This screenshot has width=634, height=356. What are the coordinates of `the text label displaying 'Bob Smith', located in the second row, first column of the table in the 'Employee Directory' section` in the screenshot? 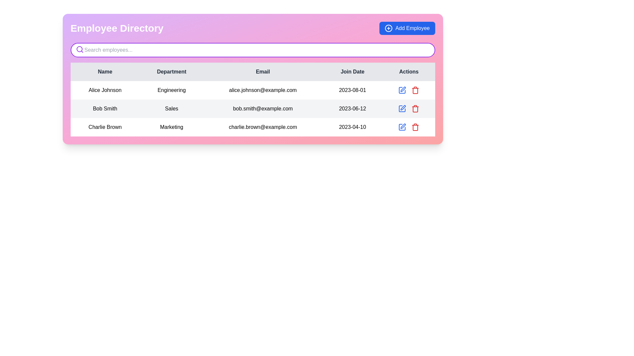 It's located at (105, 108).